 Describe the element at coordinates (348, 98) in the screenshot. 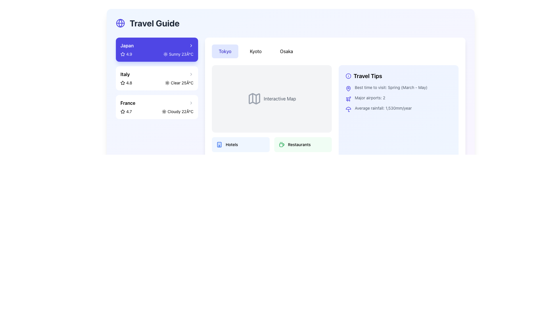

I see `the airplane icon, which is an SVG graphic with an indigo stroke design, located before the 'Major airports: 2' text in the 'Travel Tips' section on the right side of the page` at that location.